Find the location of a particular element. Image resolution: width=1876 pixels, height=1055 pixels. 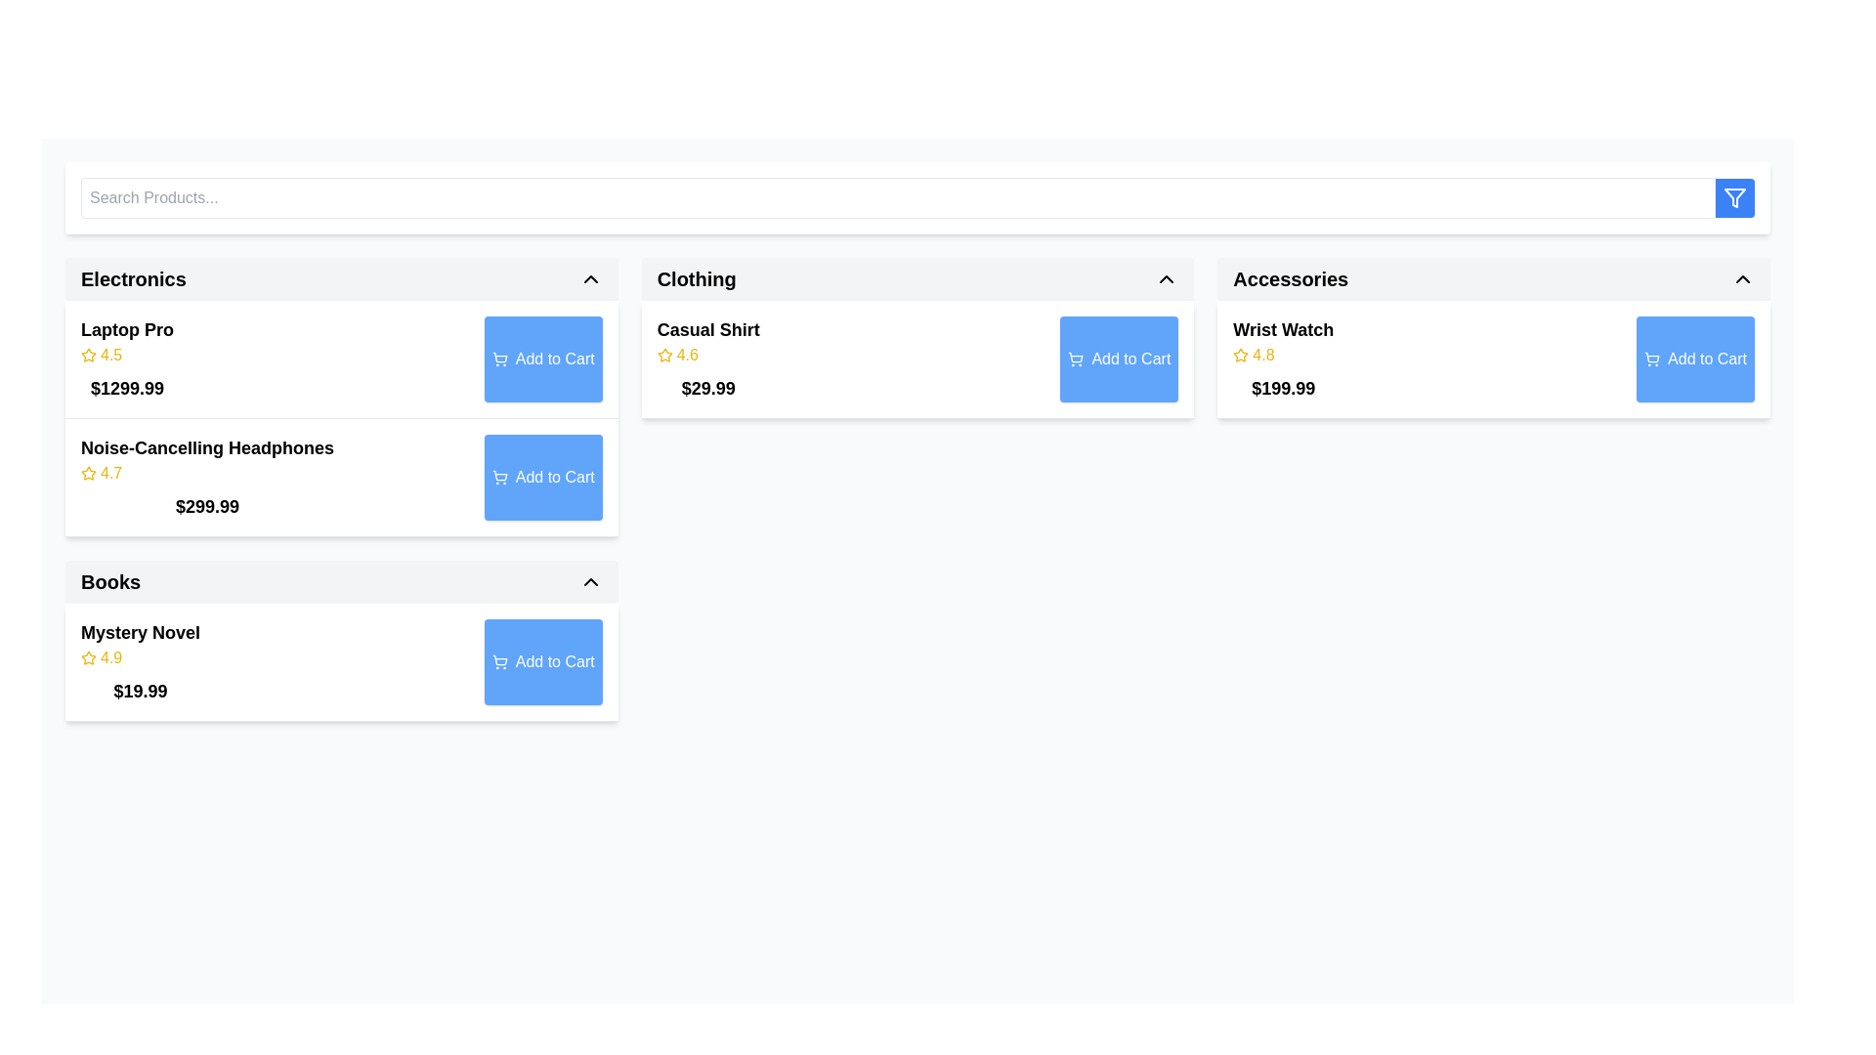

the shopping cart icon located on the left side of the 'Add to Cart' button within the product box for 'Mystery Novel' under the 'Books' section is located at coordinates (499, 661).